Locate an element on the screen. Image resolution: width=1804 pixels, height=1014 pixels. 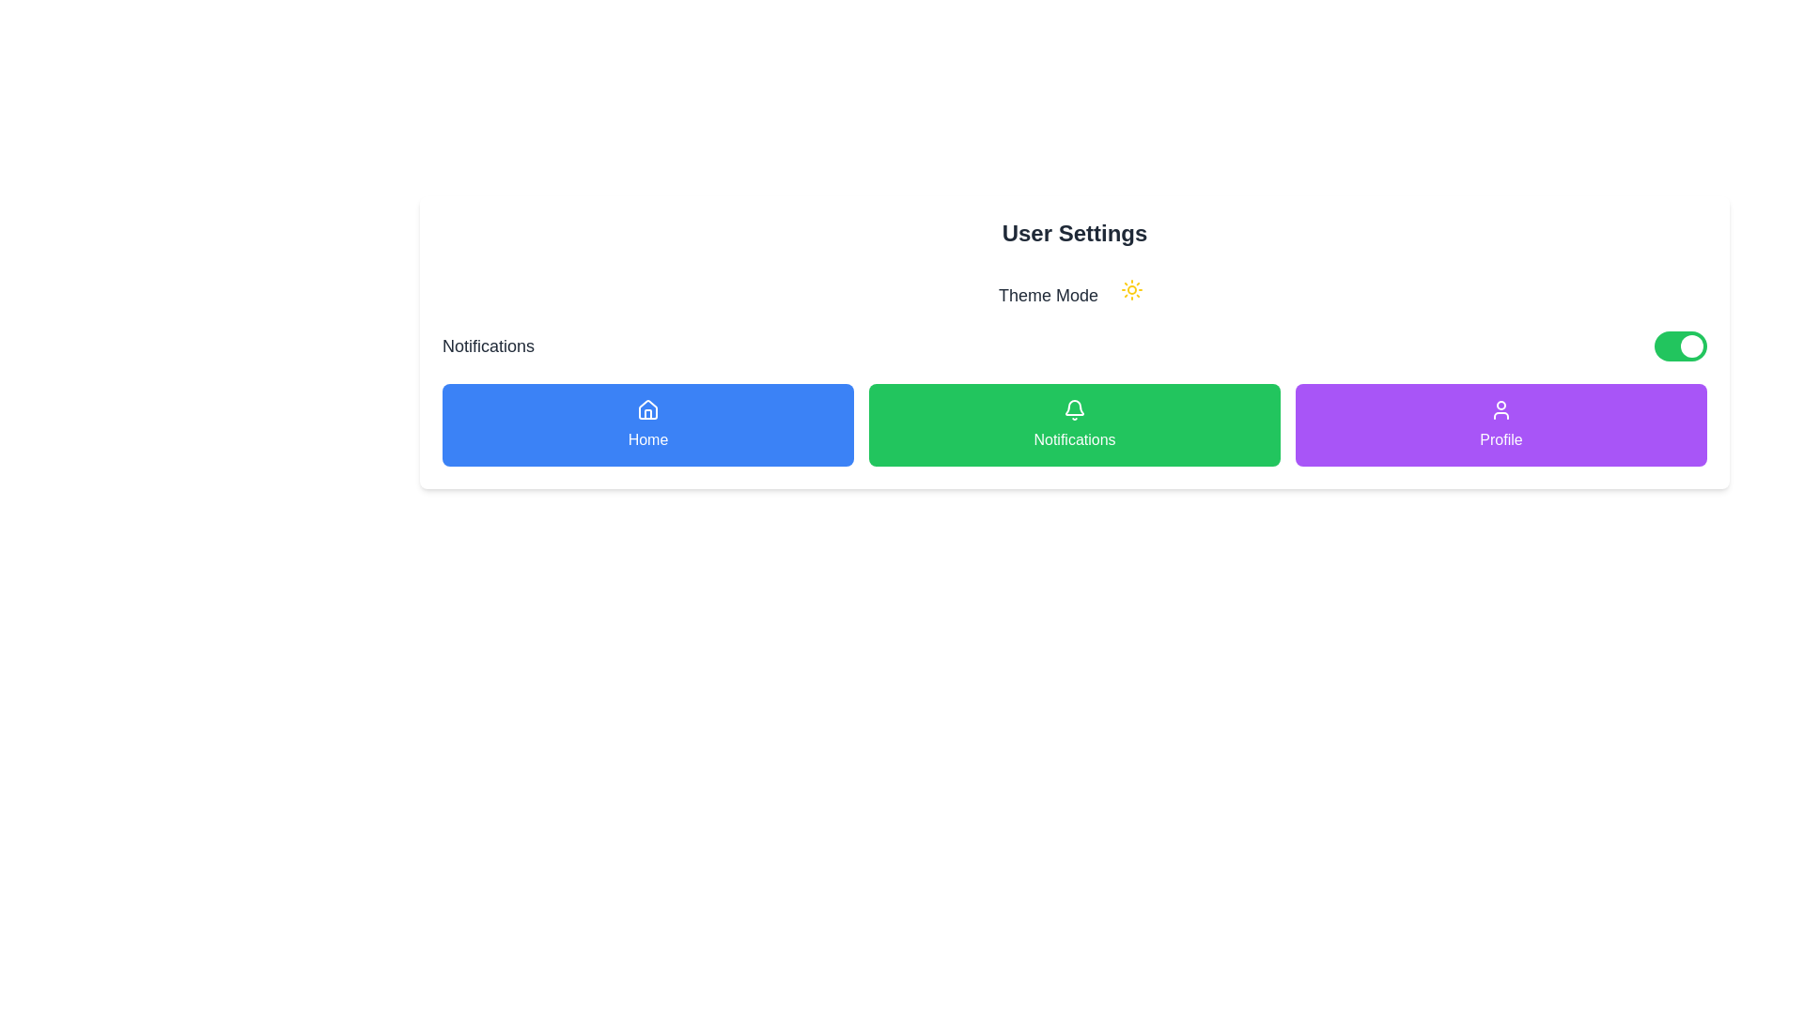
the toggle switch located in the top-right corner of the notification settings section is located at coordinates (1681, 346).